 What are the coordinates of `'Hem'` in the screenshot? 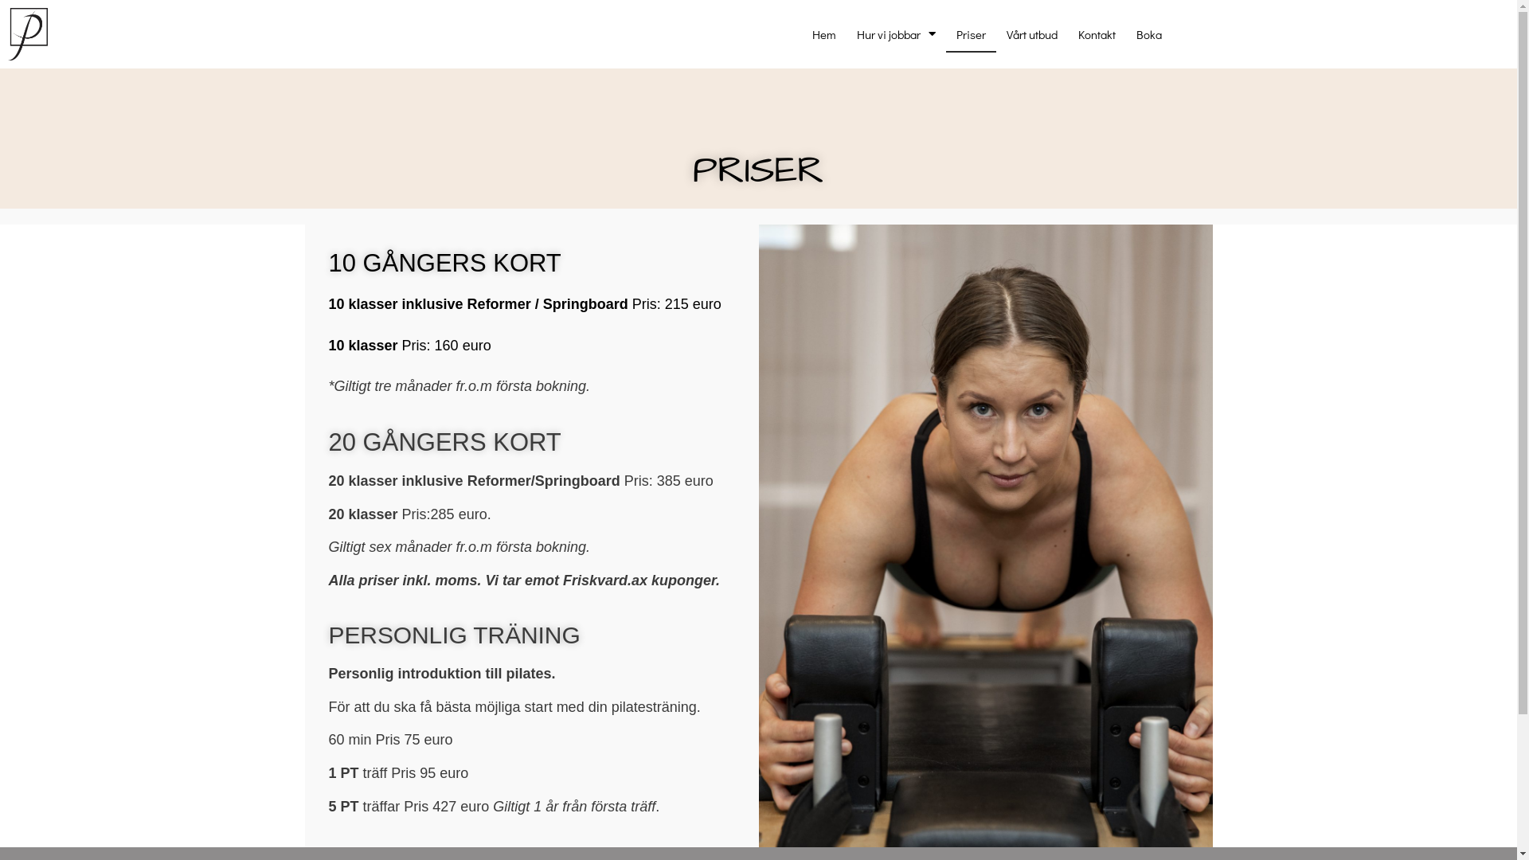 It's located at (824, 33).